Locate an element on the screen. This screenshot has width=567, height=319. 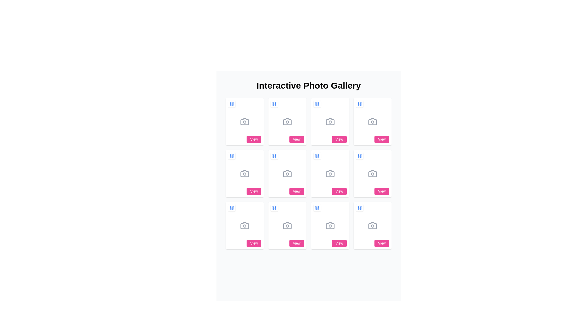
the Icon Button which has a white background, rounded corners, and a blue stack of layers icon, located in the second row and first column of the grid card layout is located at coordinates (232, 156).